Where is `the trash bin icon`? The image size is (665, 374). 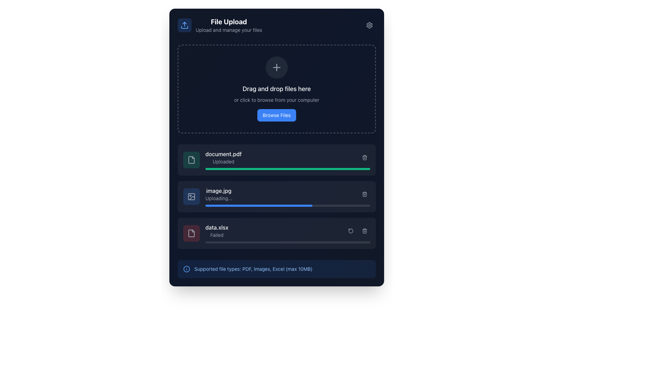
the trash bin icon is located at coordinates (364, 194).